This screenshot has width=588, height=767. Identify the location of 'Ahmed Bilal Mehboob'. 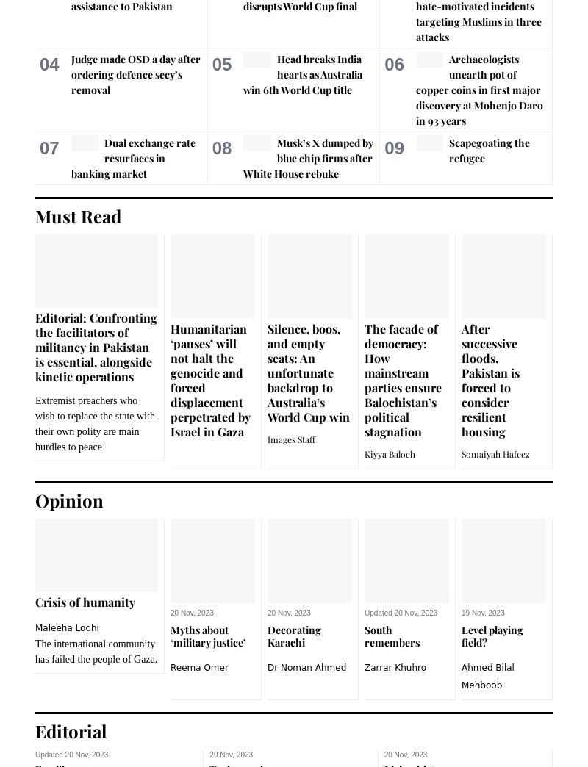
(487, 674).